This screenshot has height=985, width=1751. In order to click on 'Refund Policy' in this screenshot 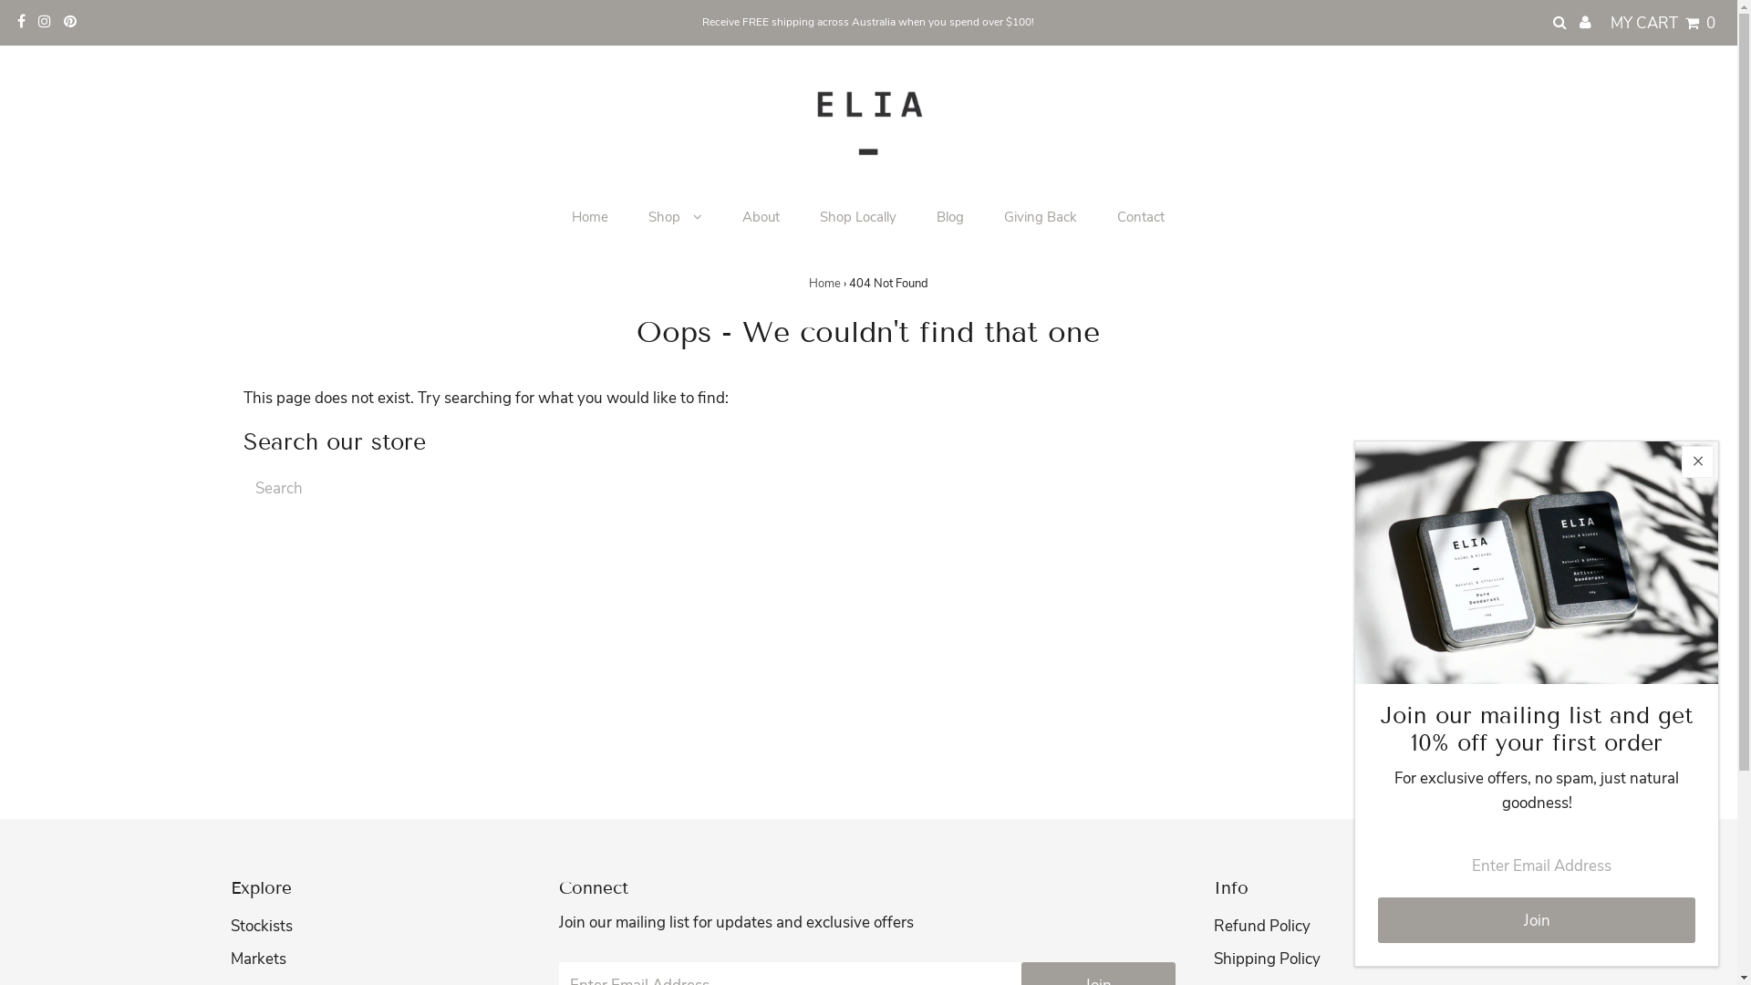, I will do `click(1259, 926)`.